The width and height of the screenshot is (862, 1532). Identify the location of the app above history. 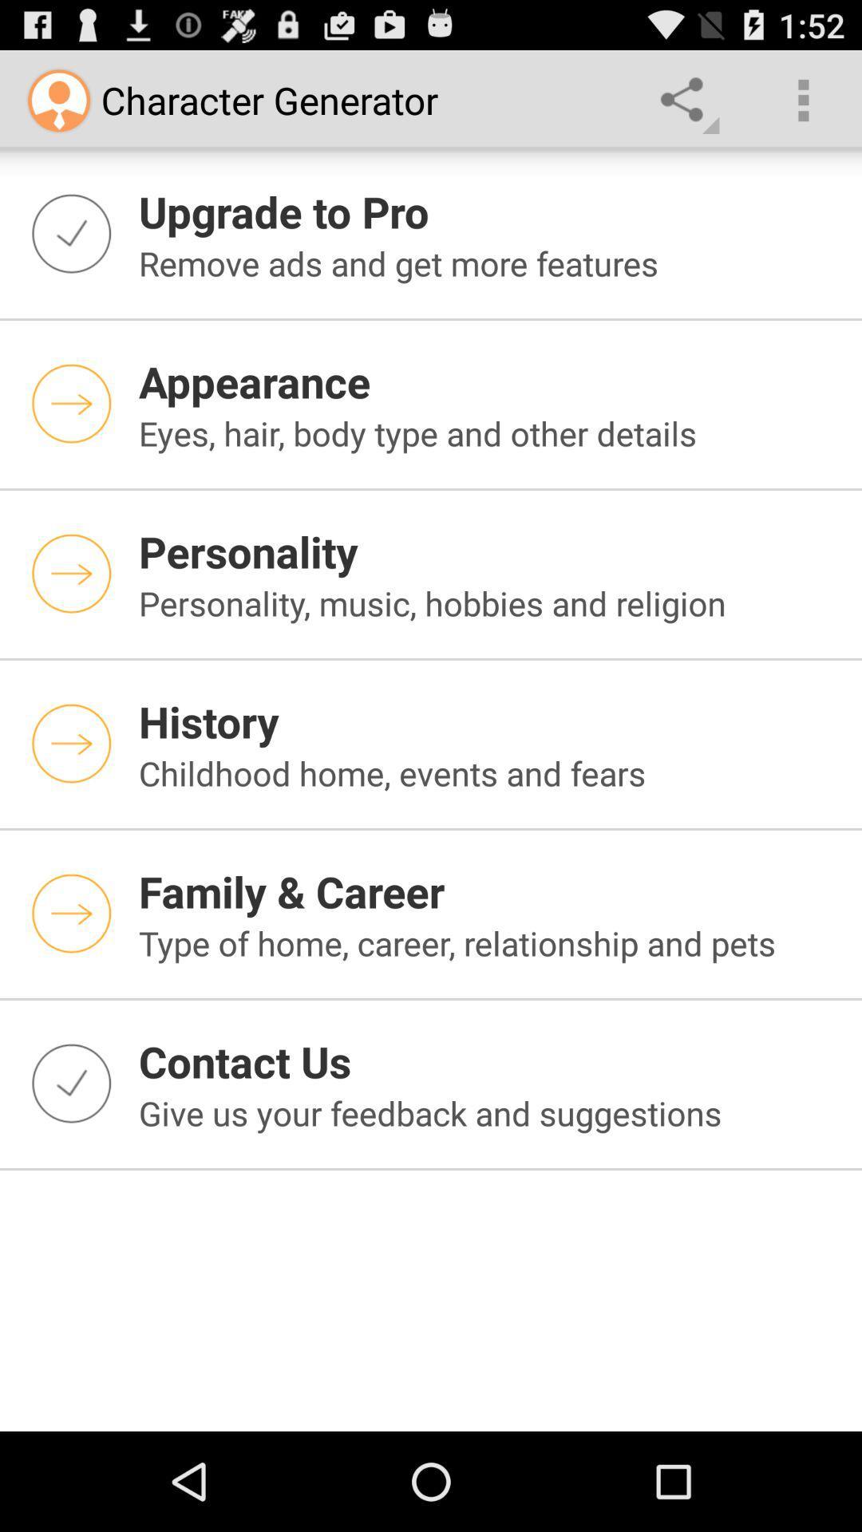
(489, 602).